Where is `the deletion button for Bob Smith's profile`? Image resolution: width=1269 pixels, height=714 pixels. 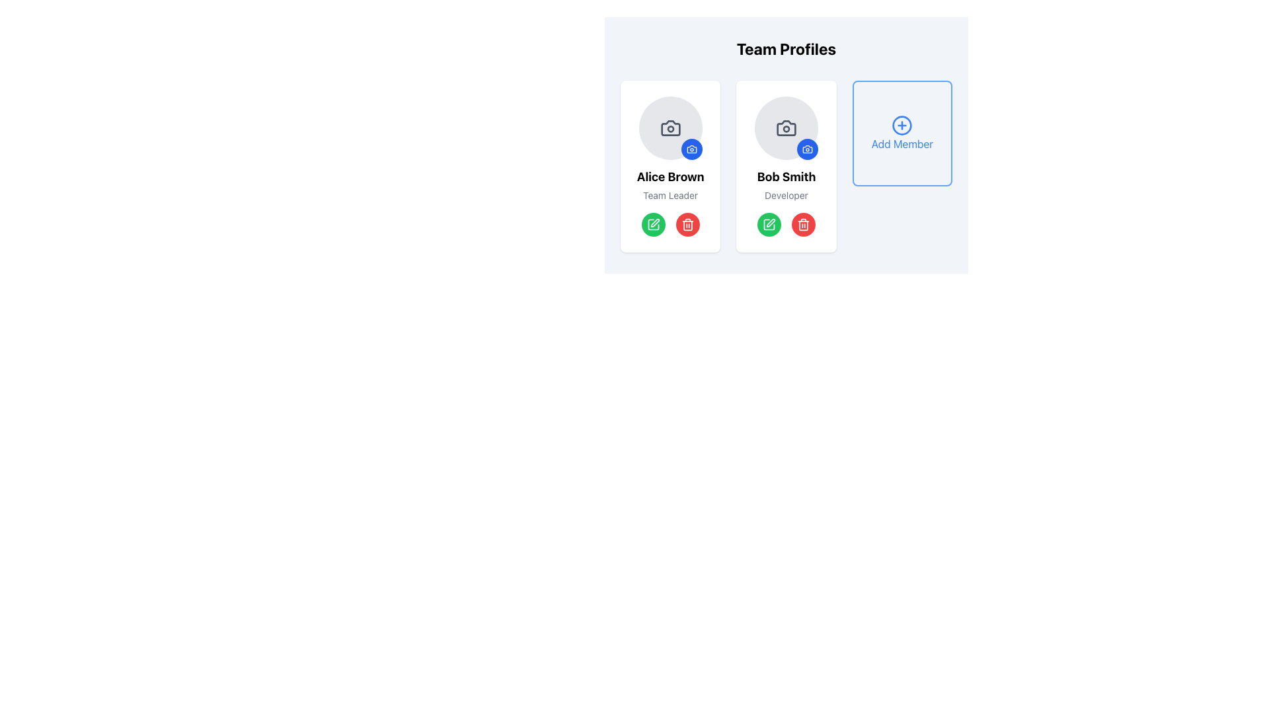 the deletion button for Bob Smith's profile is located at coordinates (687, 223).